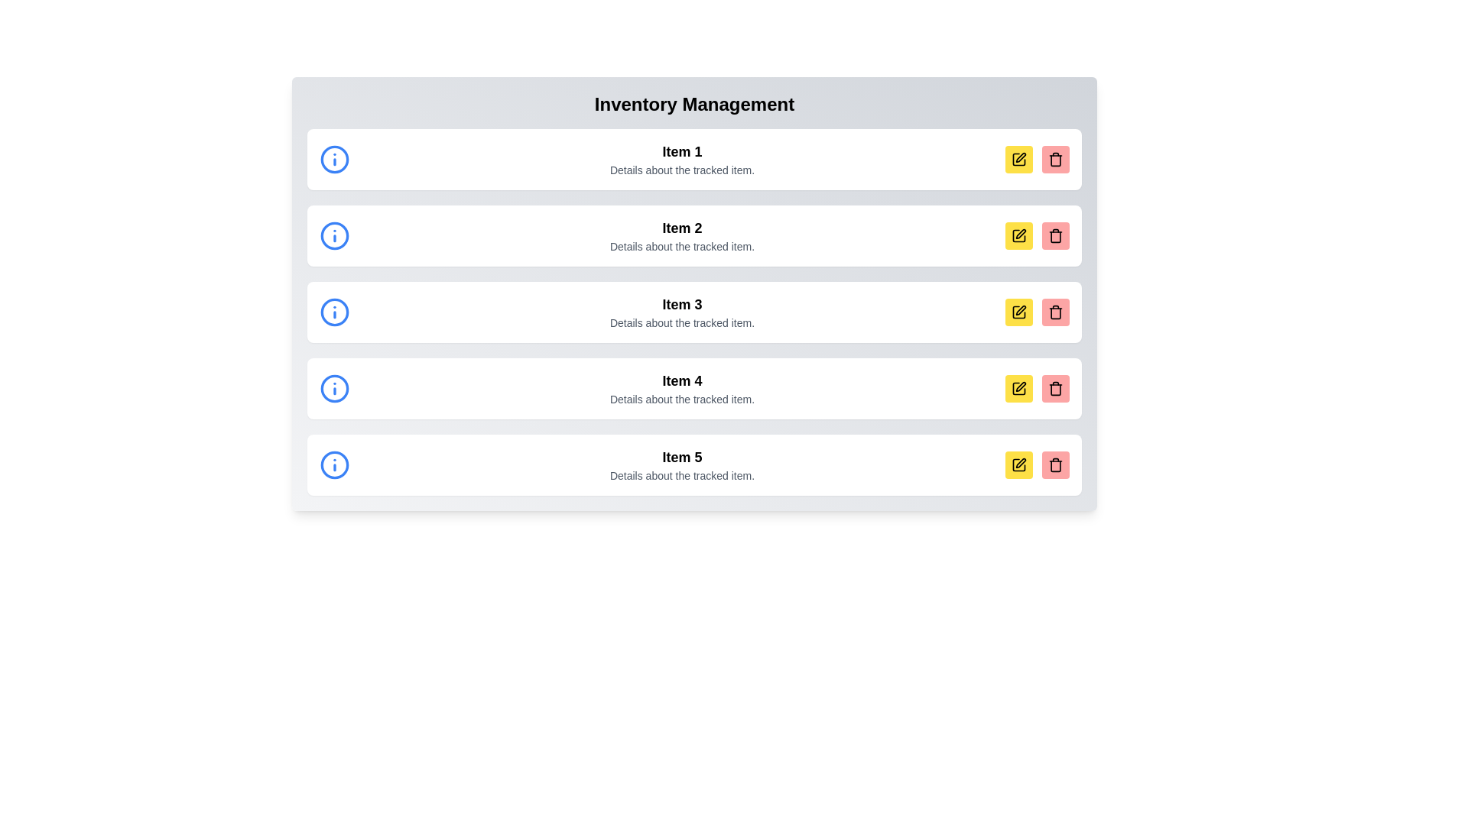 This screenshot has height=825, width=1468. Describe the element at coordinates (1019, 159) in the screenshot. I see `the edit button located on the right-hand side of the inventory management options, which is the first button in a group preceding a red trash icon` at that location.